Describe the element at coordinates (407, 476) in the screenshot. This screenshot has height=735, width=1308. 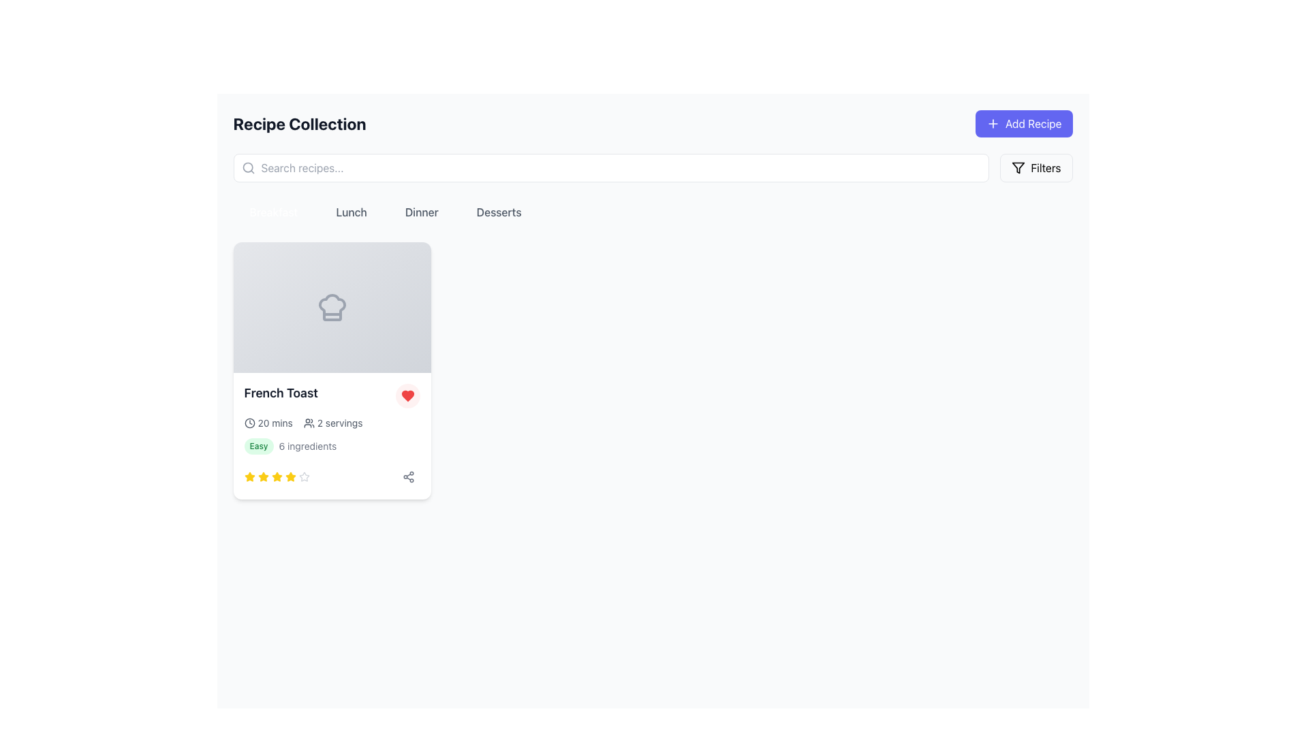
I see `the sharing button located in the bottom-right corner of the 'French Toast' recipe card, positioned to the right of the star rating icons` at that location.